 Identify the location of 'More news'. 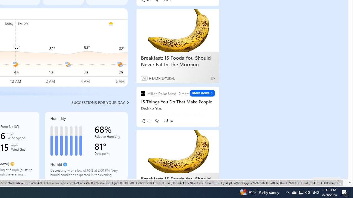
(202, 93).